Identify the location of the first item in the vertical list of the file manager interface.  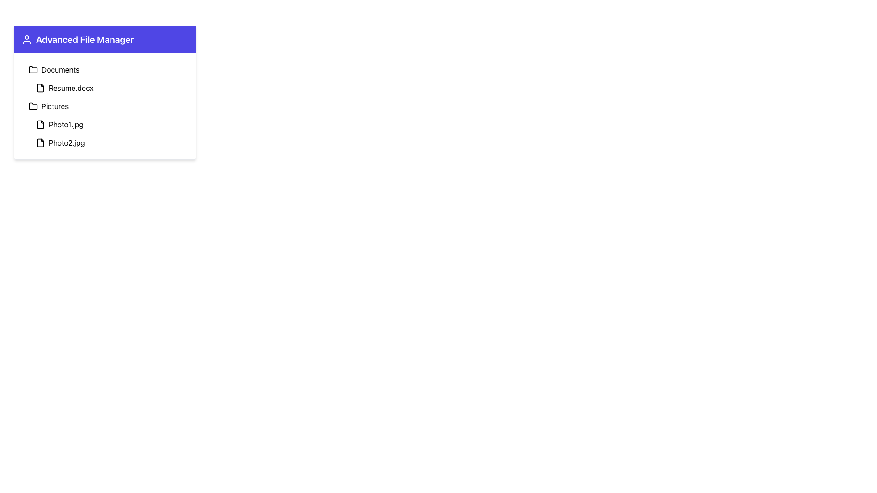
(105, 69).